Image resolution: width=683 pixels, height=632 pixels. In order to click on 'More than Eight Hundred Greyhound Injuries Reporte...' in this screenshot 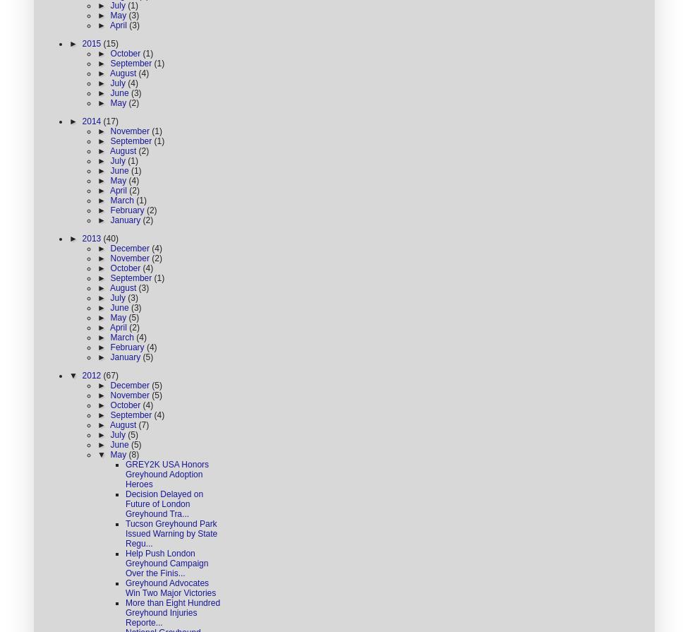, I will do `click(173, 612)`.